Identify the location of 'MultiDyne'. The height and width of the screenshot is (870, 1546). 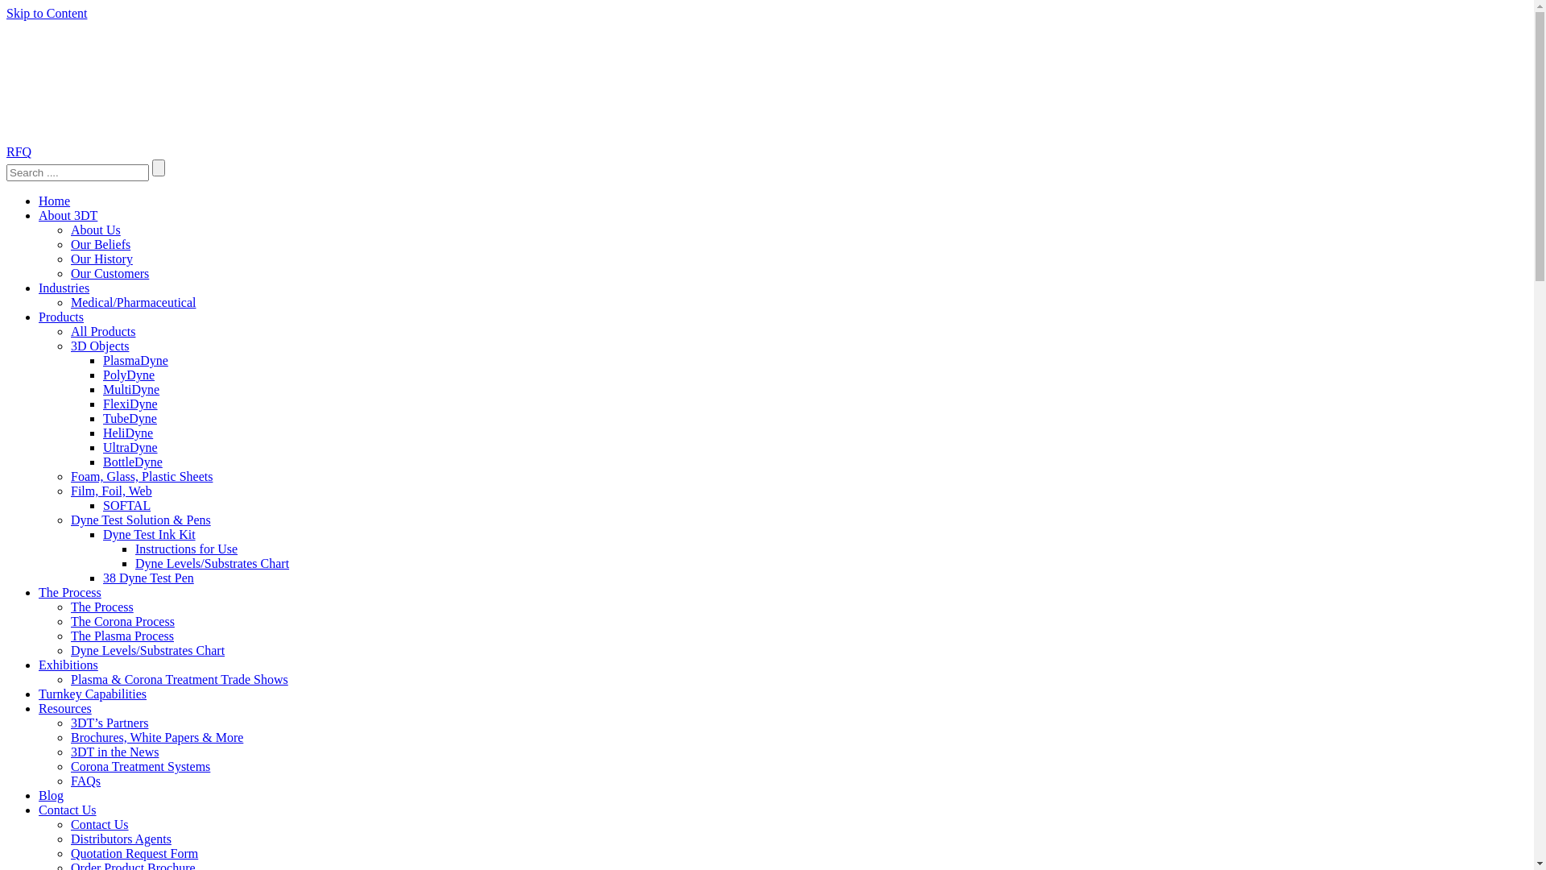
(131, 389).